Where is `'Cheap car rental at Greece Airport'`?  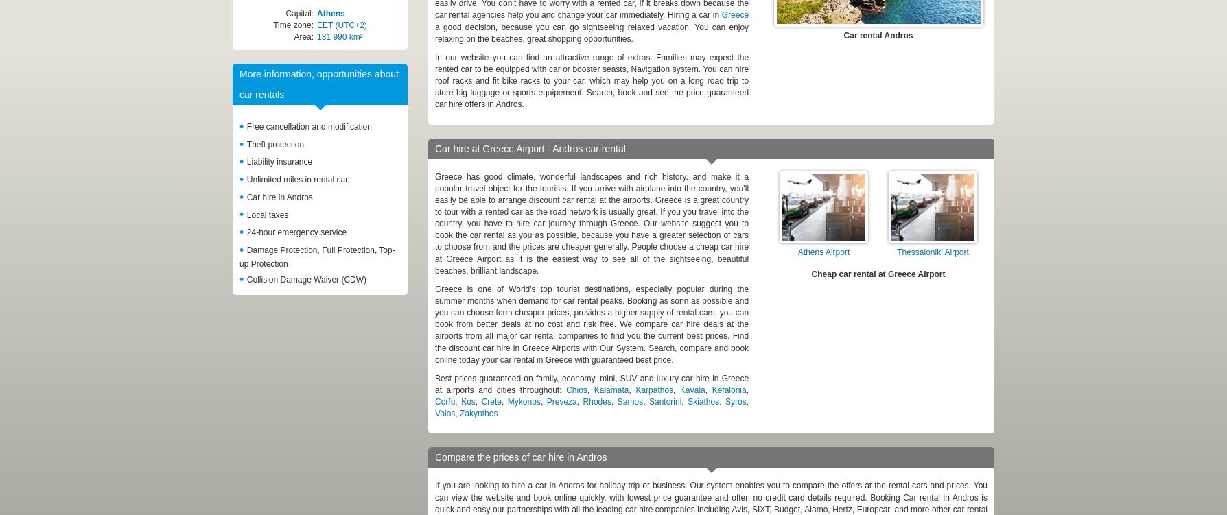 'Cheap car rental at Greece Airport' is located at coordinates (877, 273).